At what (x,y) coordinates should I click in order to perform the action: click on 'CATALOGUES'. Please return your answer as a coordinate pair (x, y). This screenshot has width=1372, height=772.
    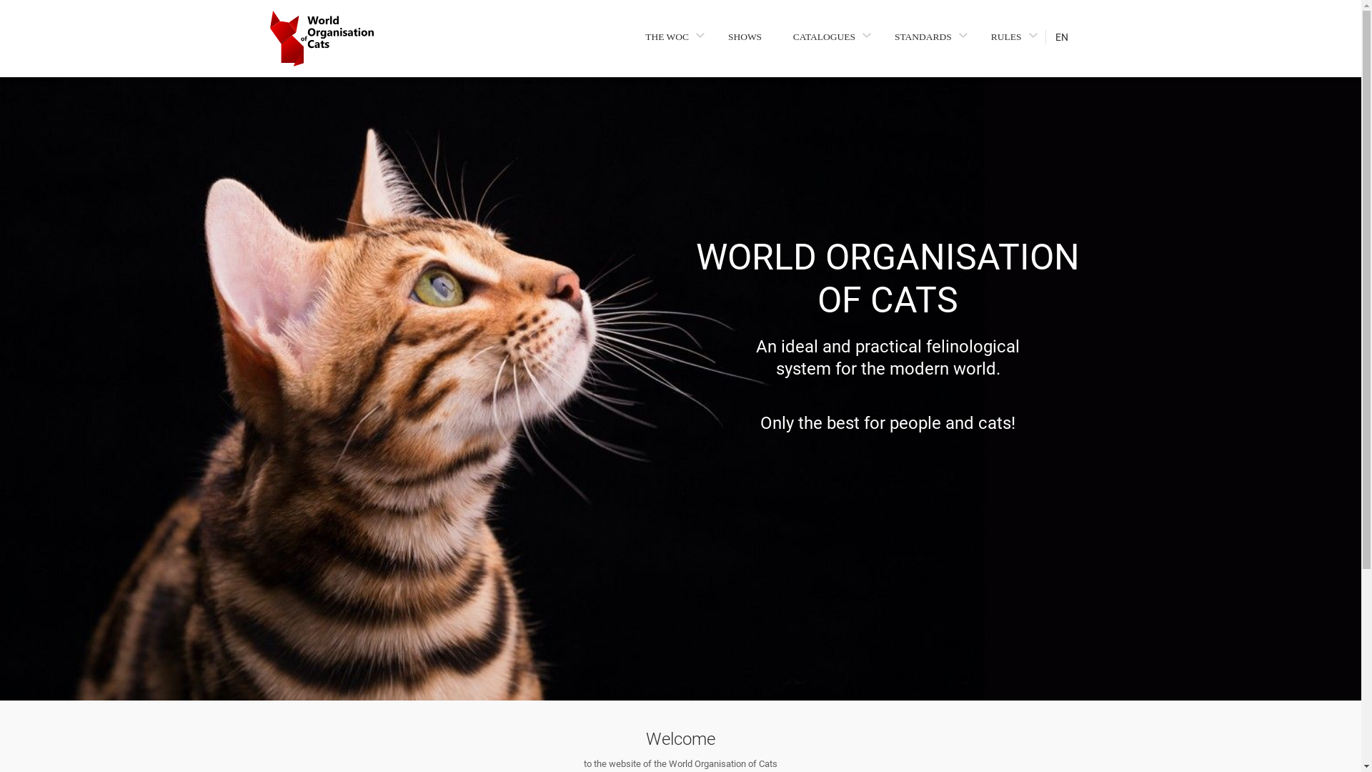
    Looking at the image, I should click on (827, 36).